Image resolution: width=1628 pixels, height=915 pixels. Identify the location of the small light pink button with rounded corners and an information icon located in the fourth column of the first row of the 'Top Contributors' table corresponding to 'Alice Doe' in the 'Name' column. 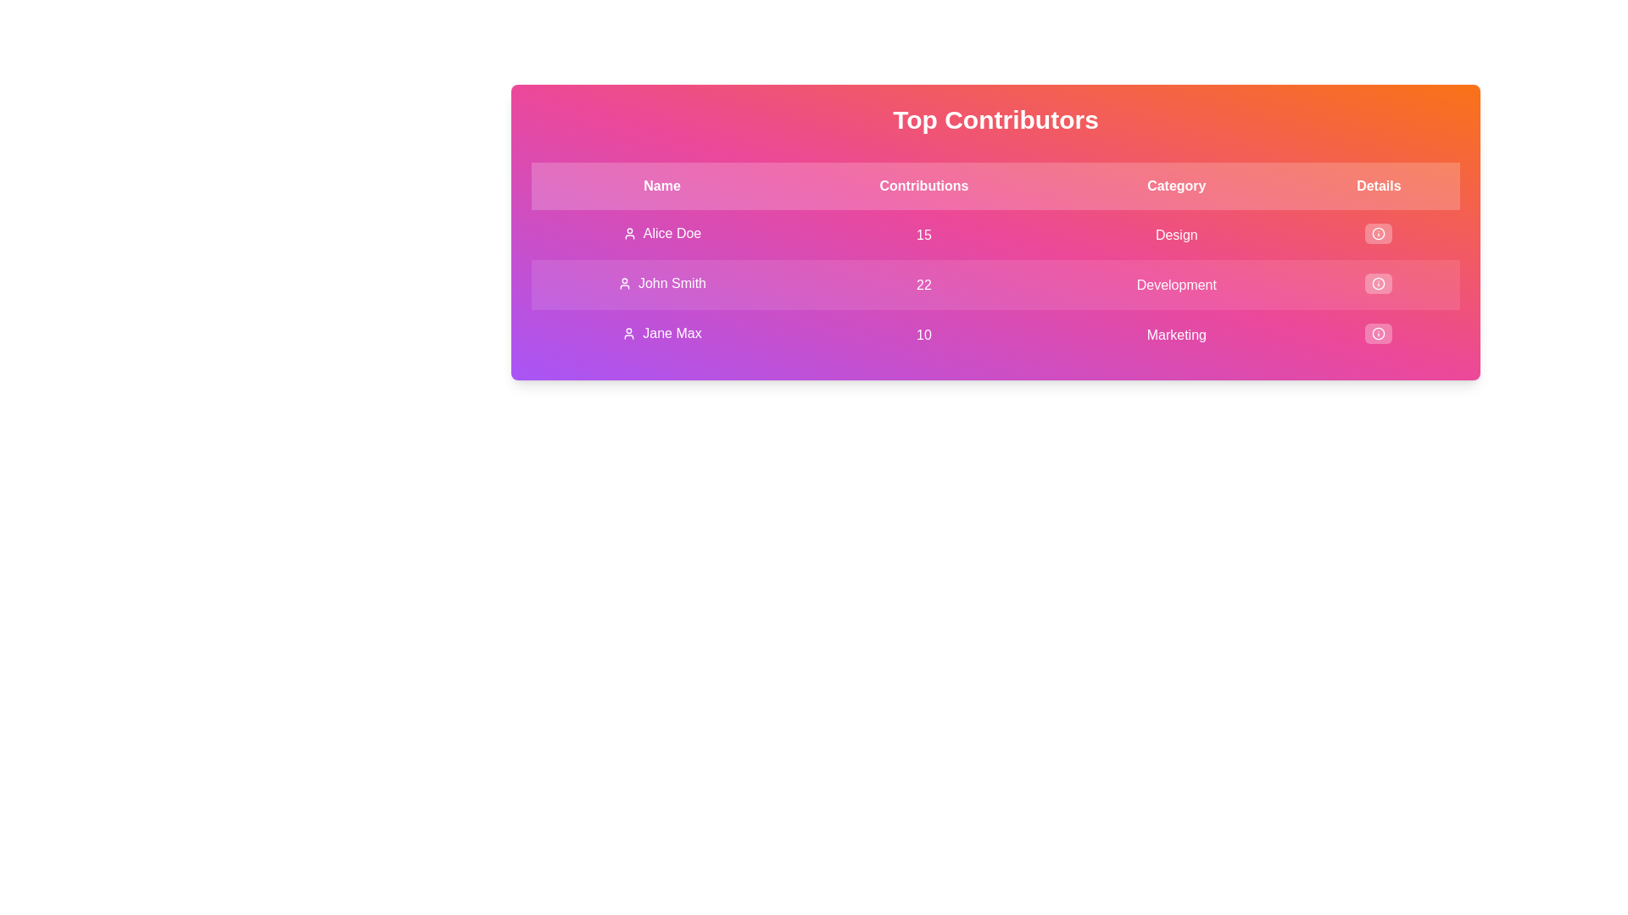
(1379, 235).